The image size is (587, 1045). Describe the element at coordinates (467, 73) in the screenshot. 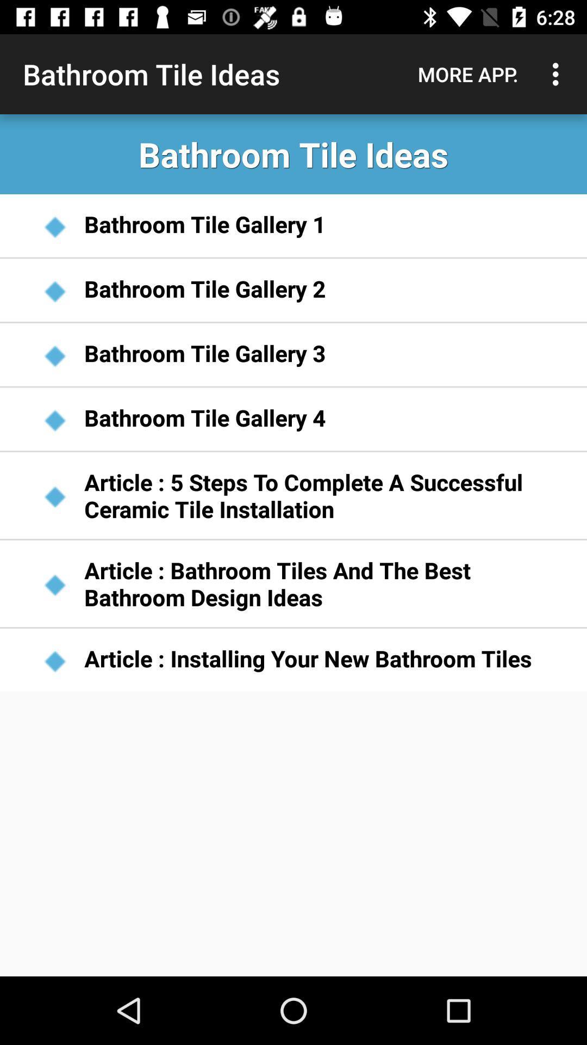

I see `the item next to bathroom tile ideas item` at that location.